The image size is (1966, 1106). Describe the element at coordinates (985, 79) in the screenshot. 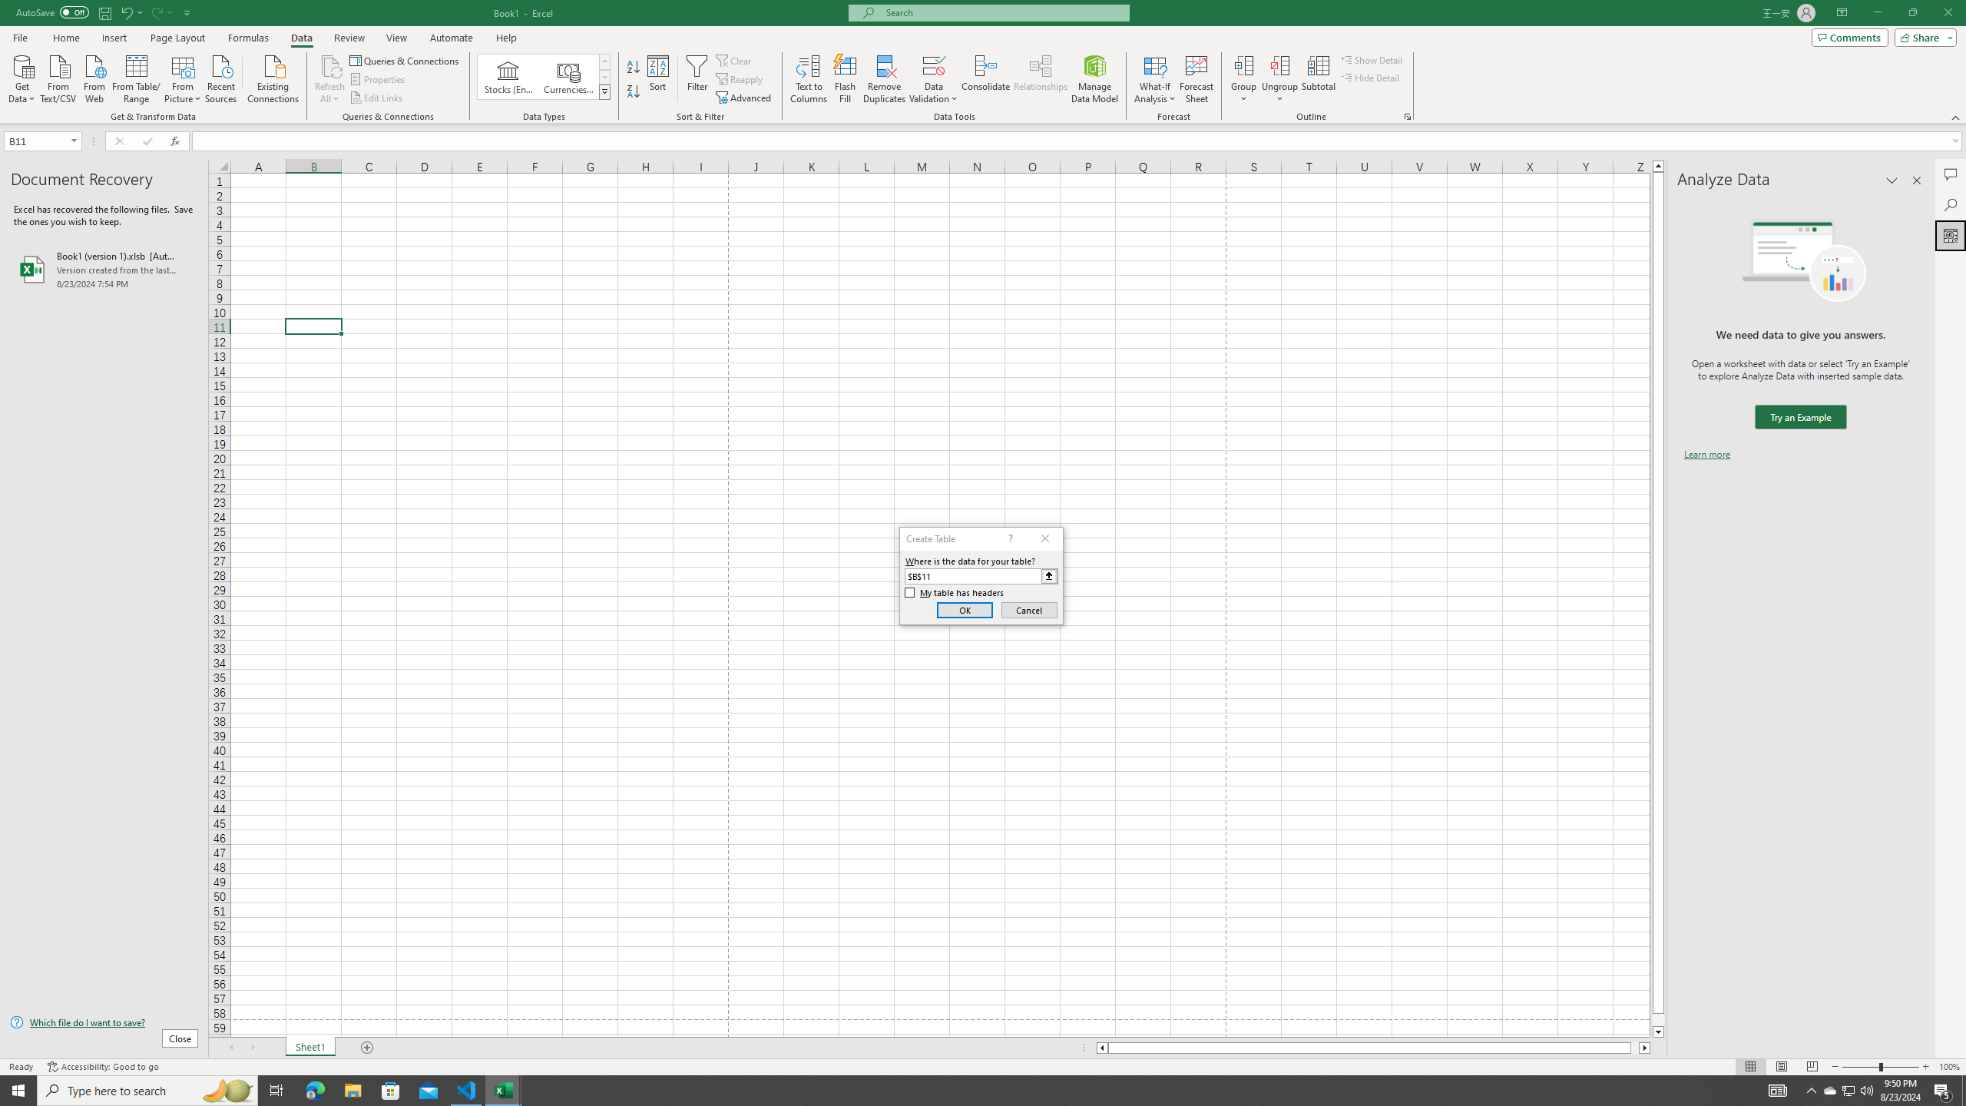

I see `'Consolidate...'` at that location.